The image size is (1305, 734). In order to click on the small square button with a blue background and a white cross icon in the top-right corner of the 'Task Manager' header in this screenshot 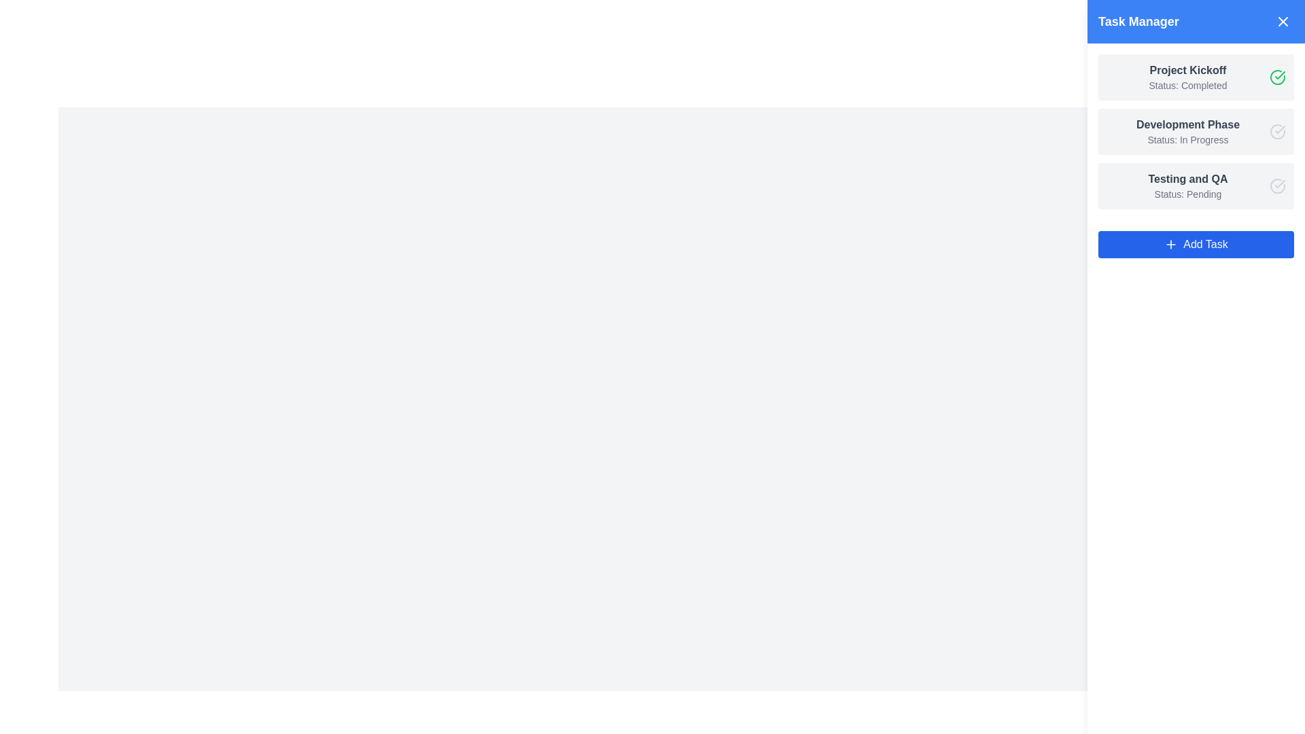, I will do `click(1282, 21)`.